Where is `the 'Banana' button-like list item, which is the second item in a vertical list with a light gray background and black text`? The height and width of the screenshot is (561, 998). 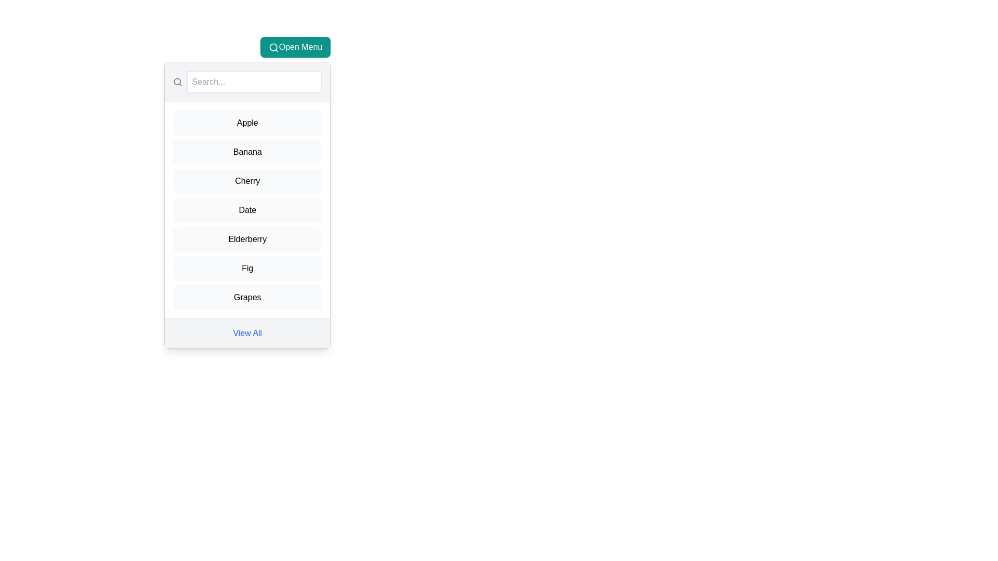 the 'Banana' button-like list item, which is the second item in a vertical list with a light gray background and black text is located at coordinates (247, 152).